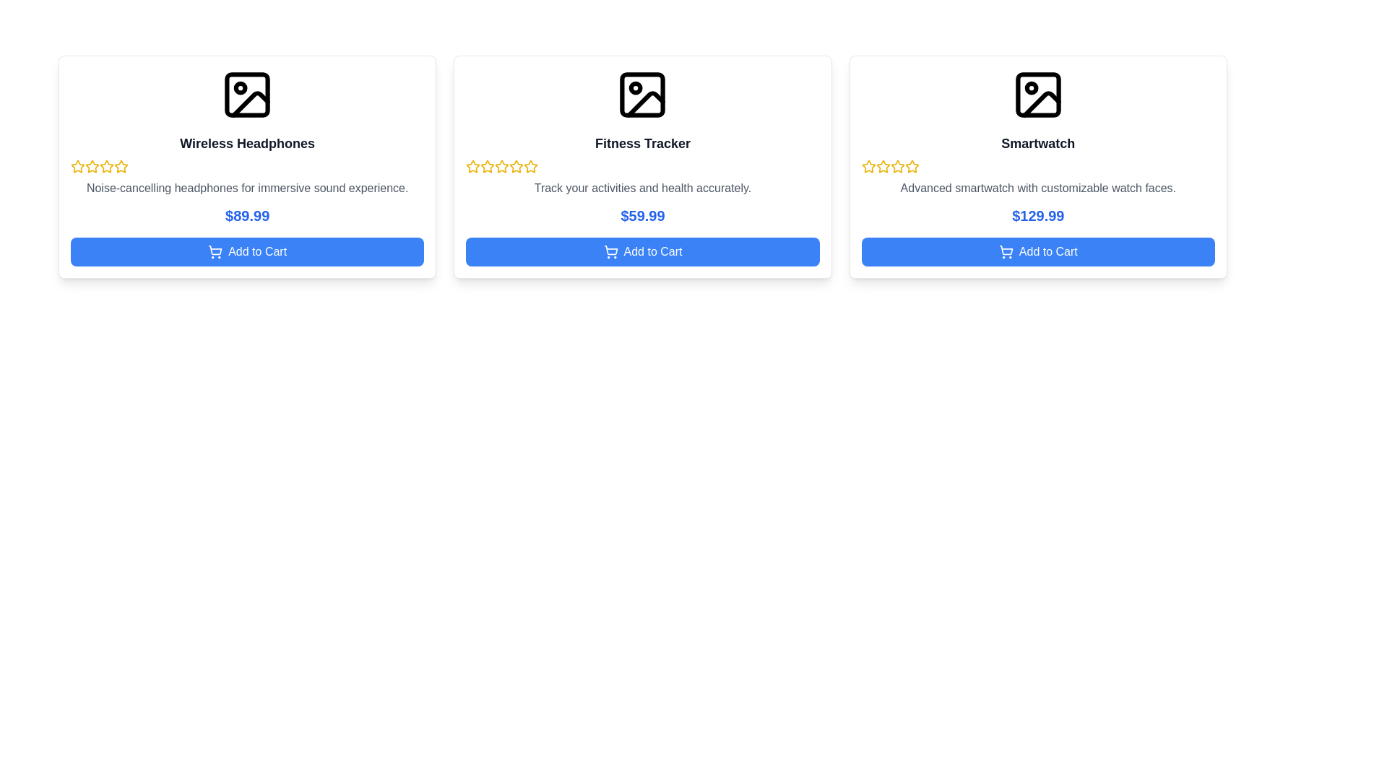 The image size is (1387, 780). I want to click on the shopping cart icon within the 'Add to Cart' button located below the '$89.99' price in the first card, so click(215, 251).